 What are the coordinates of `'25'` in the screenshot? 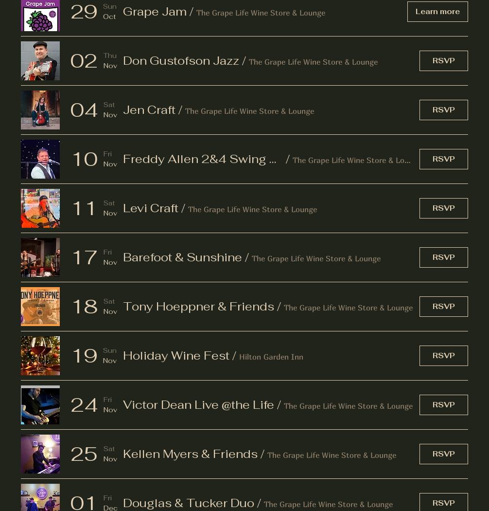 It's located at (84, 453).